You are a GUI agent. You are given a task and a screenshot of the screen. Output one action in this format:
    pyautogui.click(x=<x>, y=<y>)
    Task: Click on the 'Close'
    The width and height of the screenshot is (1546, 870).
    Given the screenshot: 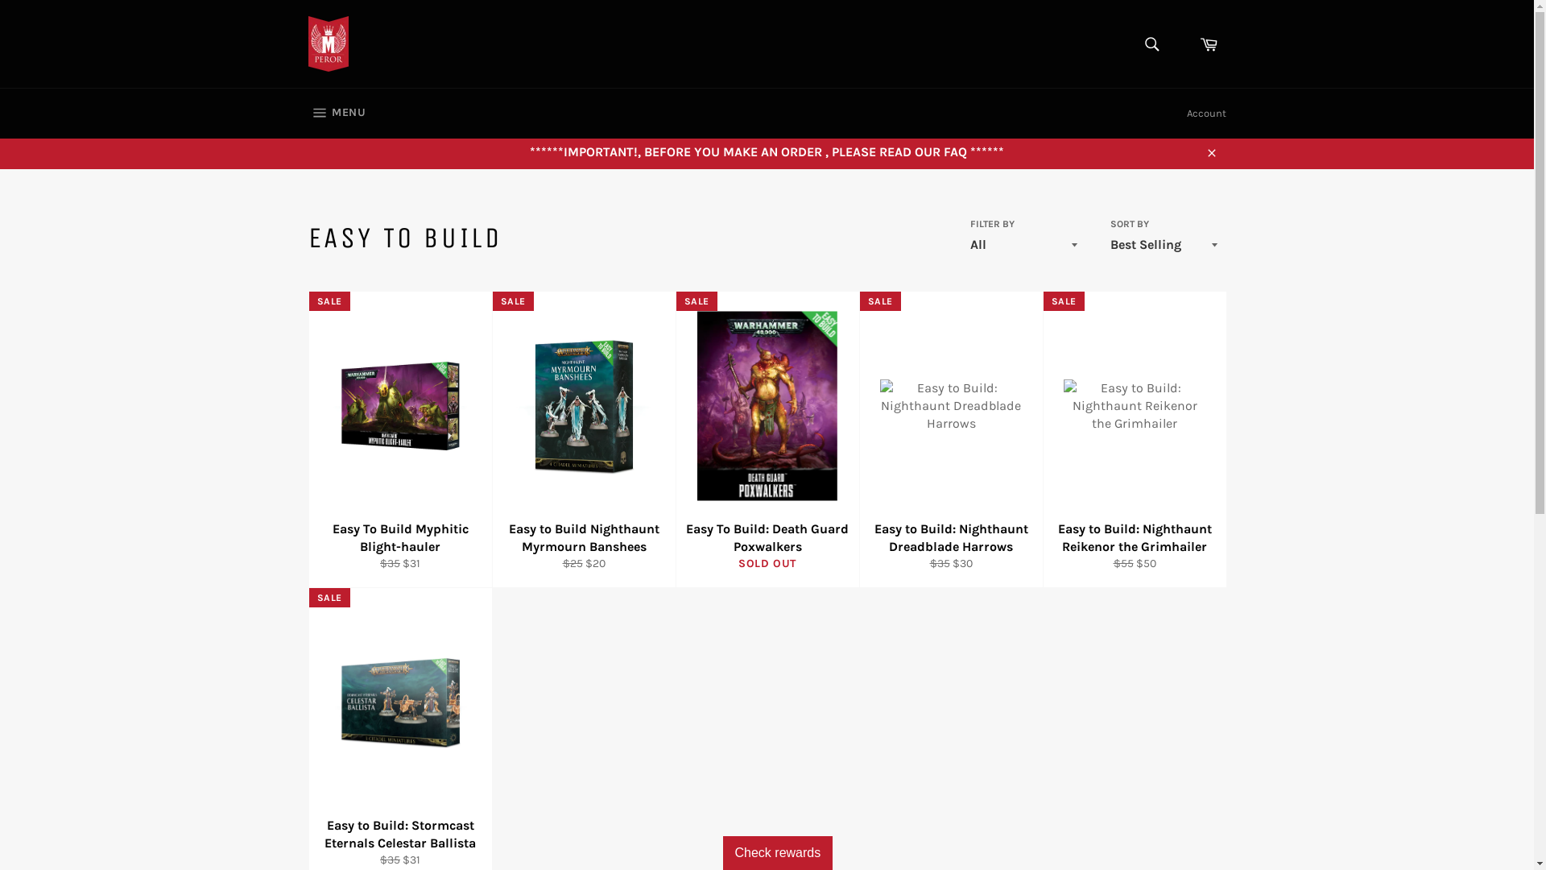 What is the action you would take?
    pyautogui.click(x=1210, y=152)
    